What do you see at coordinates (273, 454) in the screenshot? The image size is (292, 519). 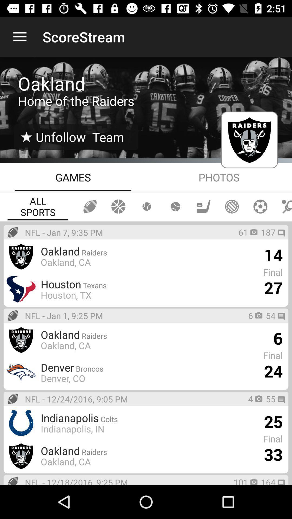 I see `the item below 25 icon` at bounding box center [273, 454].